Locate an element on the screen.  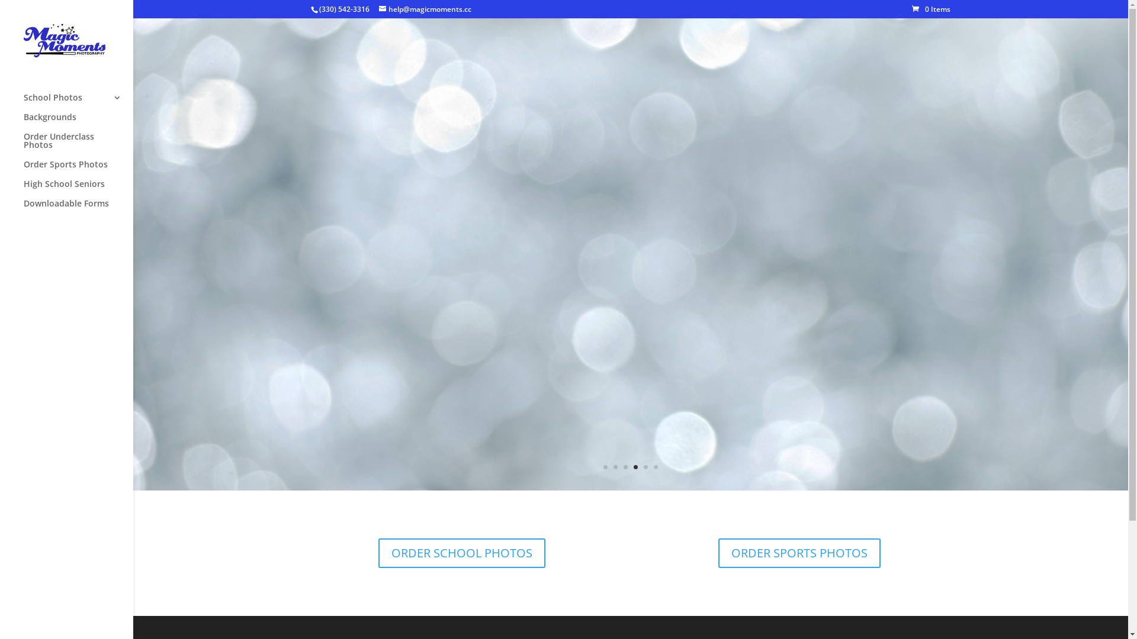
'High School Seniors' is located at coordinates (23, 189).